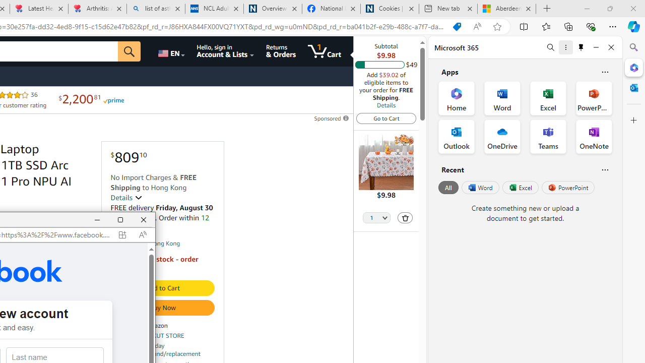  What do you see at coordinates (385, 105) in the screenshot?
I see `'Details'` at bounding box center [385, 105].